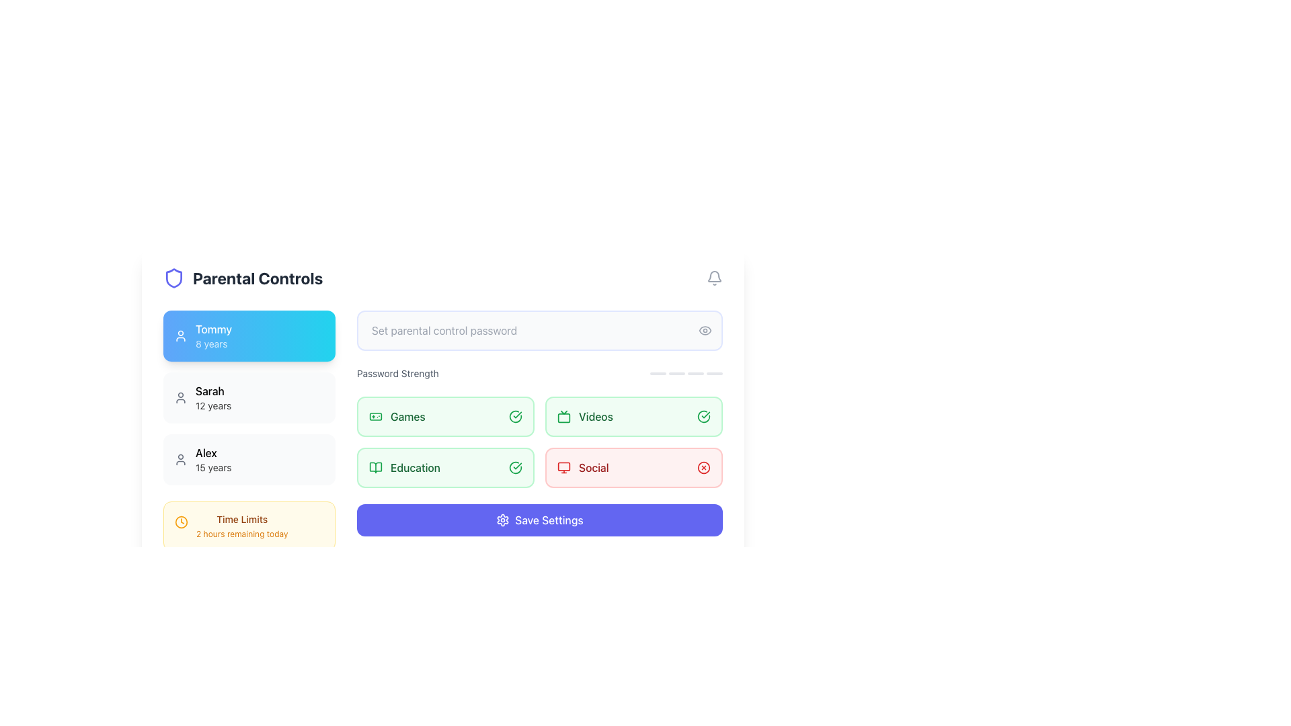 The height and width of the screenshot is (726, 1291). I want to click on the 'Games' icon located in the upper-left region of the main content area within the 'Password Strength' section, so click(375, 416).